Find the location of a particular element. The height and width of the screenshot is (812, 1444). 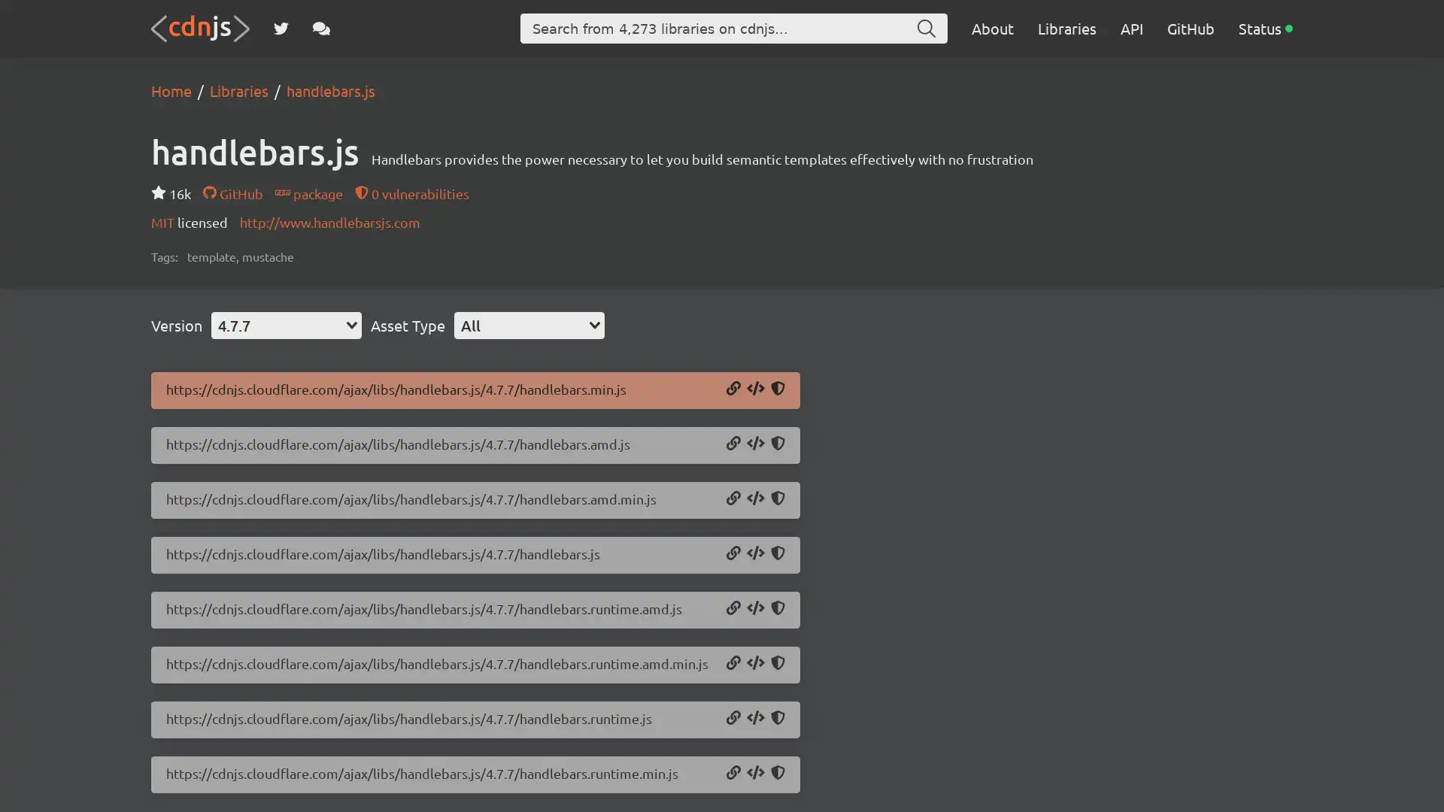

Copy Script Tag is located at coordinates (755, 389).